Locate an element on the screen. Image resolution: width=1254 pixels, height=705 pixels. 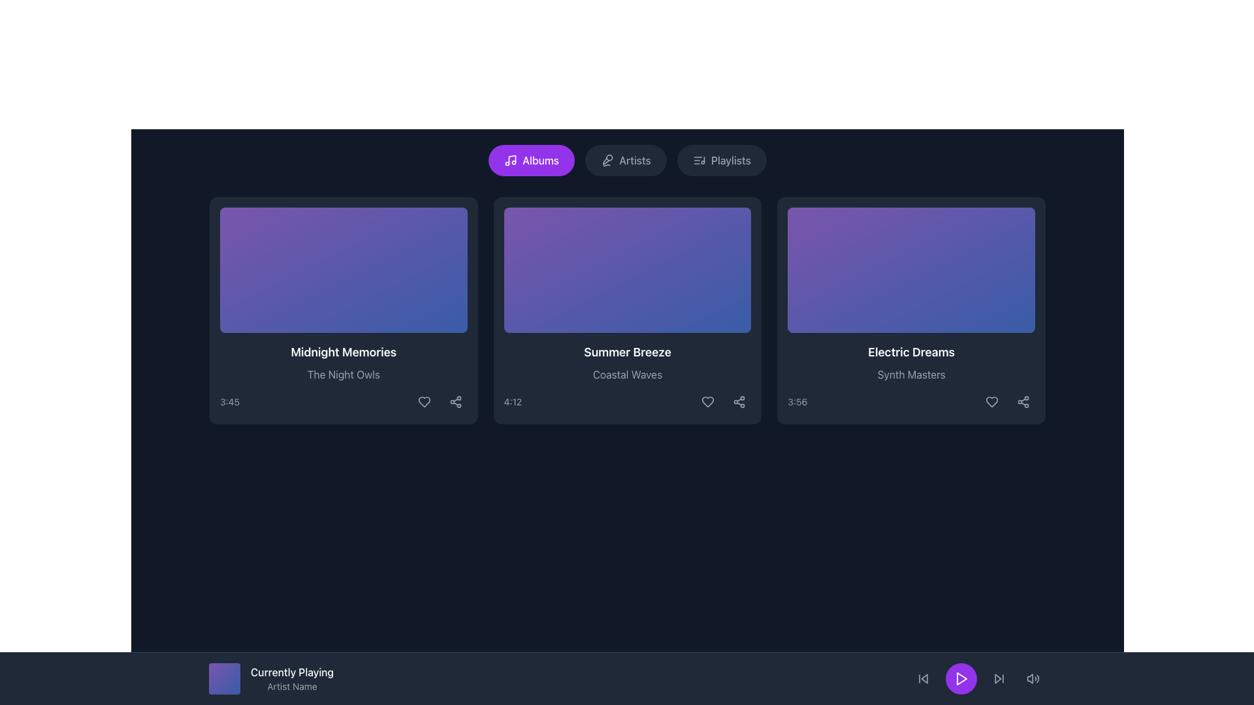
the small forward arrow icon located to the right of the main playback controls is located at coordinates (999, 678).